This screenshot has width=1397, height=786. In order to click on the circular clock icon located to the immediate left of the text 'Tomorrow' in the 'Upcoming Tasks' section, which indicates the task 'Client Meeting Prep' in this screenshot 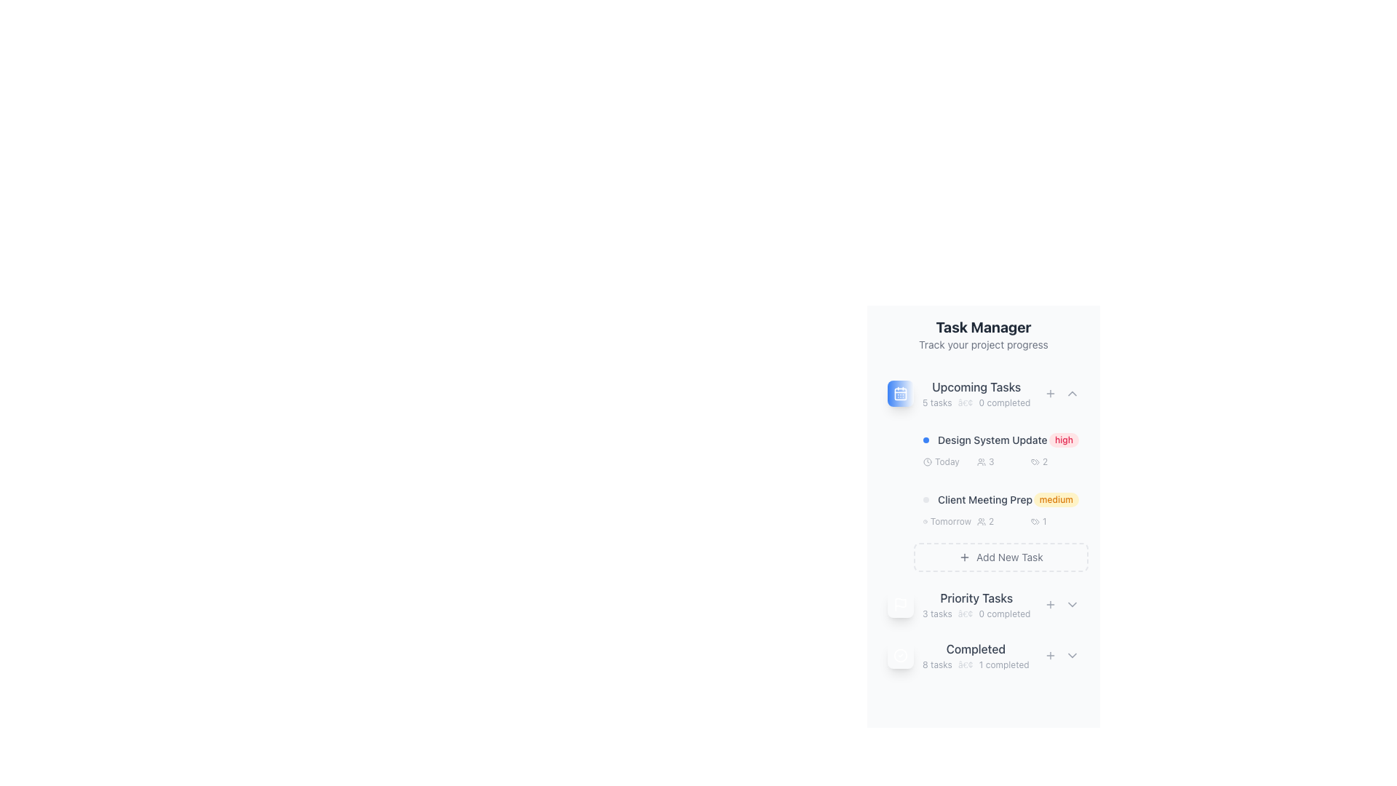, I will do `click(924, 521)`.